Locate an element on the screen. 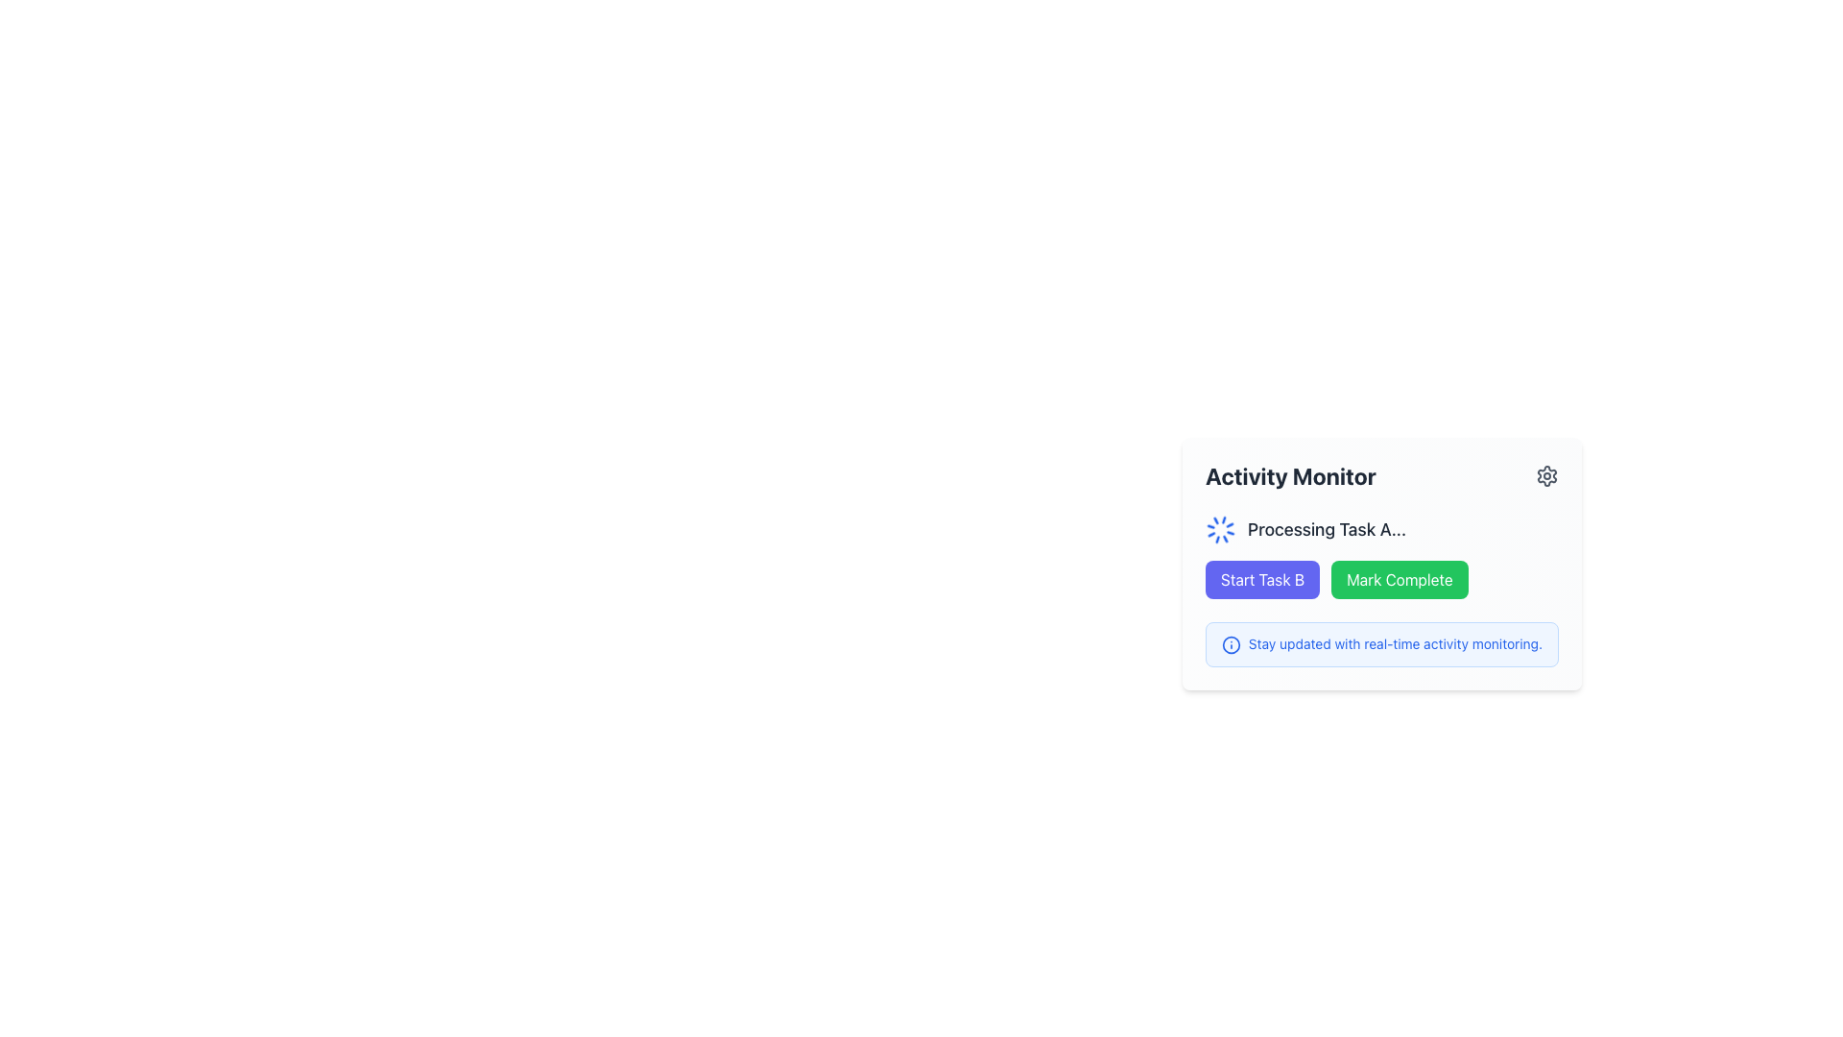 The width and height of the screenshot is (1843, 1037). displayed information from the Text with Icon indicating that 'Task A' is currently in progress, located in the top section of the 'Activity Monitor' card is located at coordinates (1382, 529).